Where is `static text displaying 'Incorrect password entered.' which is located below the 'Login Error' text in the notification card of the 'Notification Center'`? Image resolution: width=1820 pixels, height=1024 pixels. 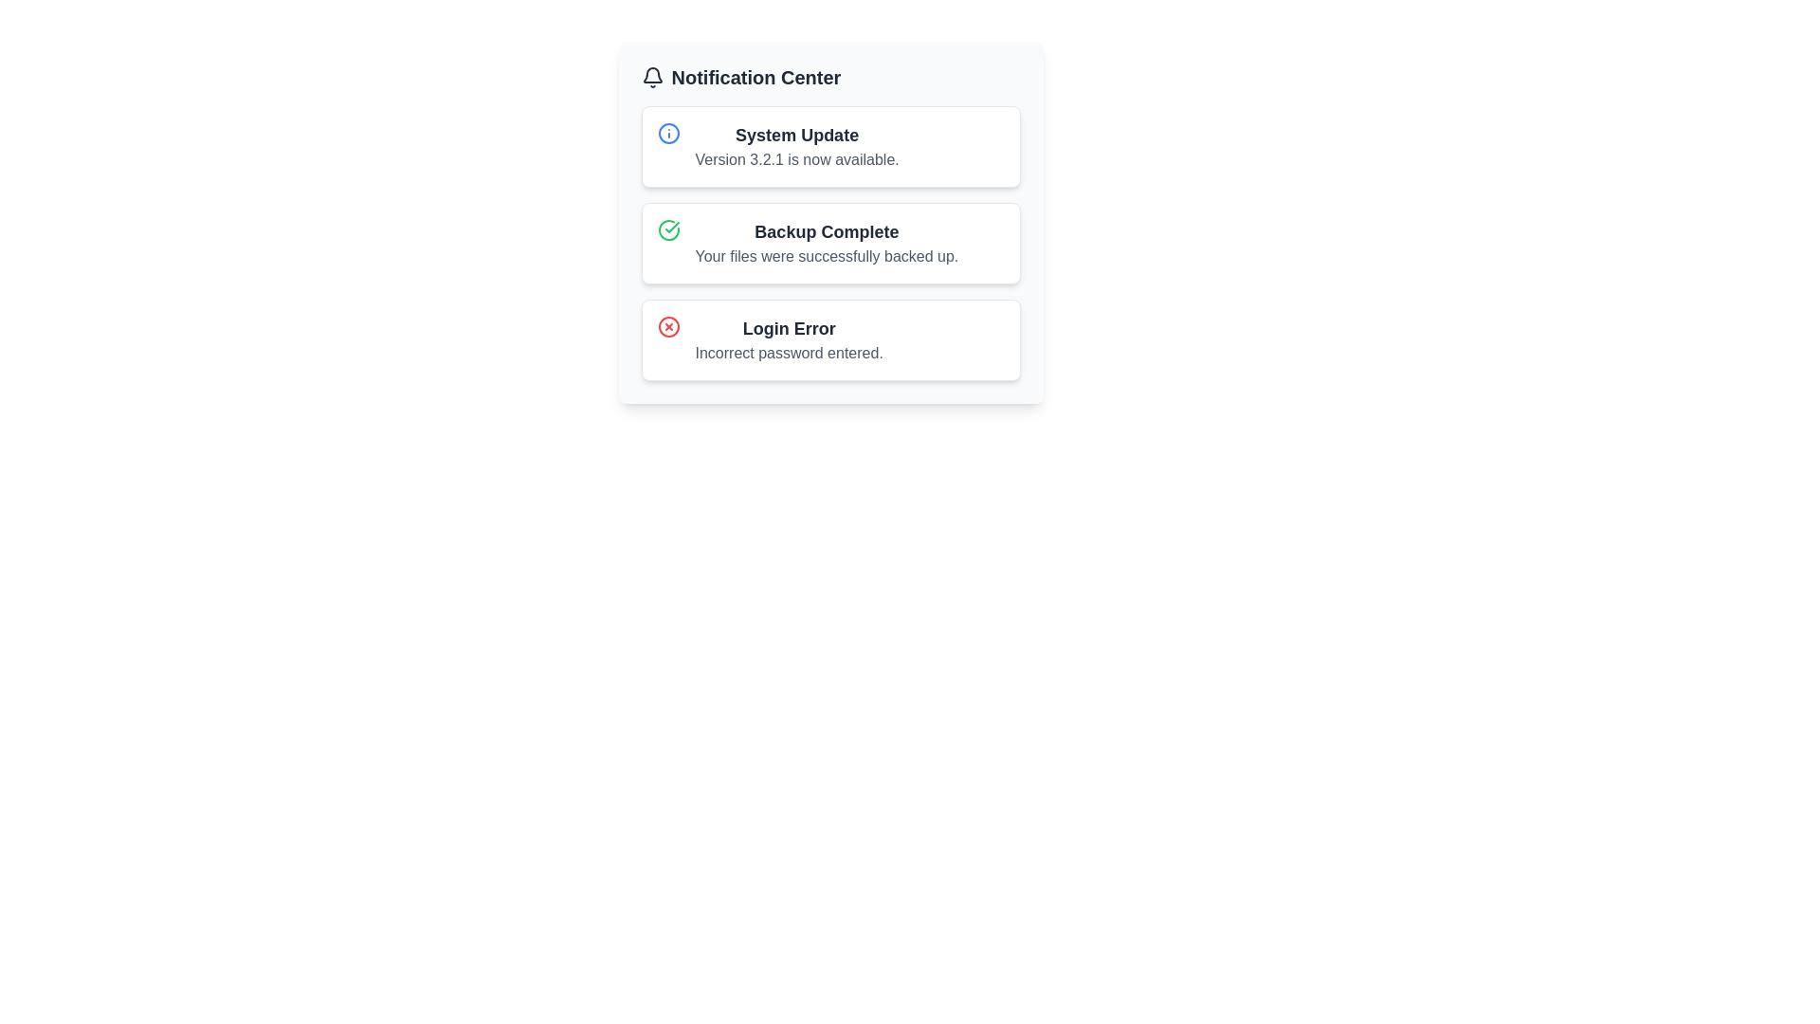 static text displaying 'Incorrect password entered.' which is located below the 'Login Error' text in the notification card of the 'Notification Center' is located at coordinates (789, 354).